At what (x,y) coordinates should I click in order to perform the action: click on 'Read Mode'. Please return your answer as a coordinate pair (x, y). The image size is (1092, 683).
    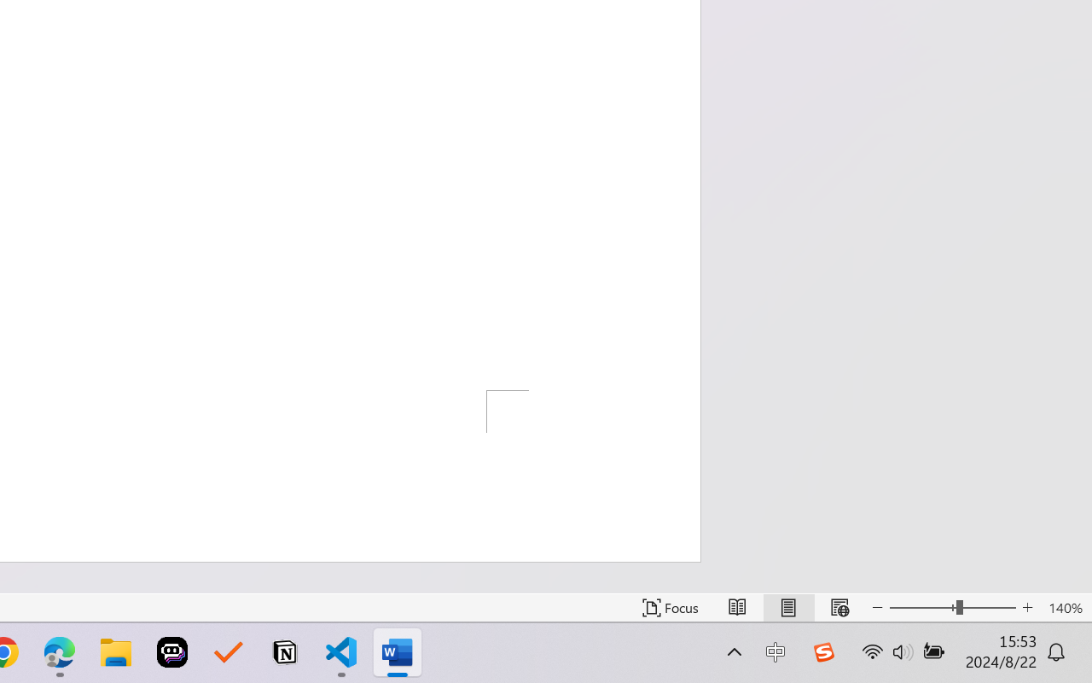
    Looking at the image, I should click on (737, 607).